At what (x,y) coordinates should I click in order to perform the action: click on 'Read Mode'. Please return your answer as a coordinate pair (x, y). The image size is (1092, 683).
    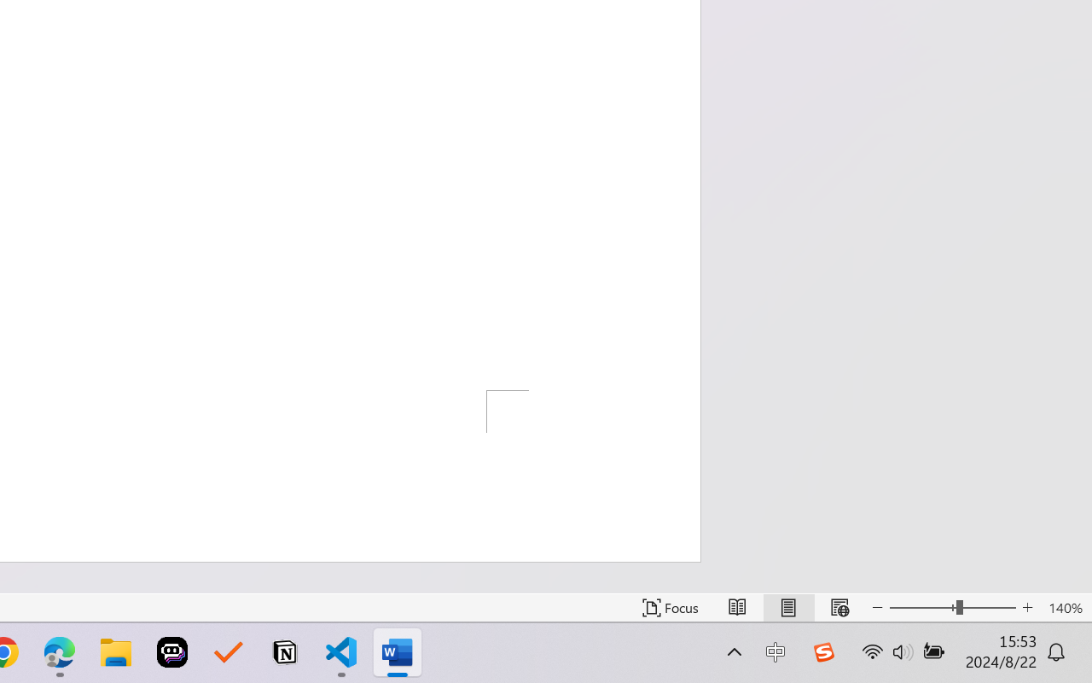
    Looking at the image, I should click on (737, 607).